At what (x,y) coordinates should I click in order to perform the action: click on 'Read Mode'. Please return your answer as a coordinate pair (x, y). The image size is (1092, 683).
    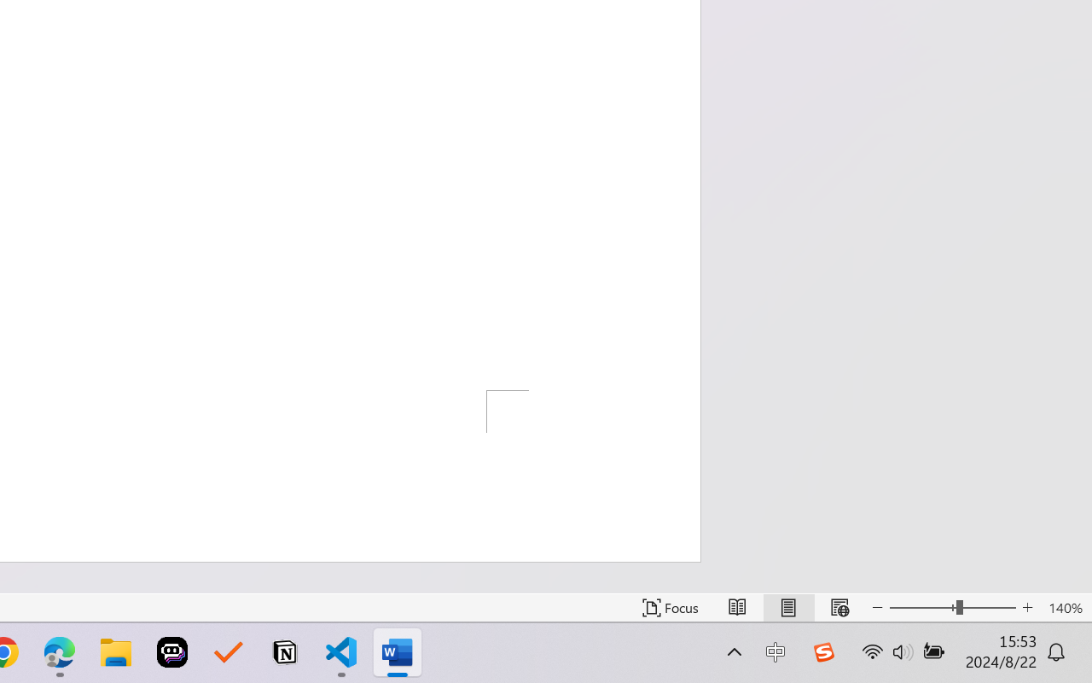
    Looking at the image, I should click on (737, 607).